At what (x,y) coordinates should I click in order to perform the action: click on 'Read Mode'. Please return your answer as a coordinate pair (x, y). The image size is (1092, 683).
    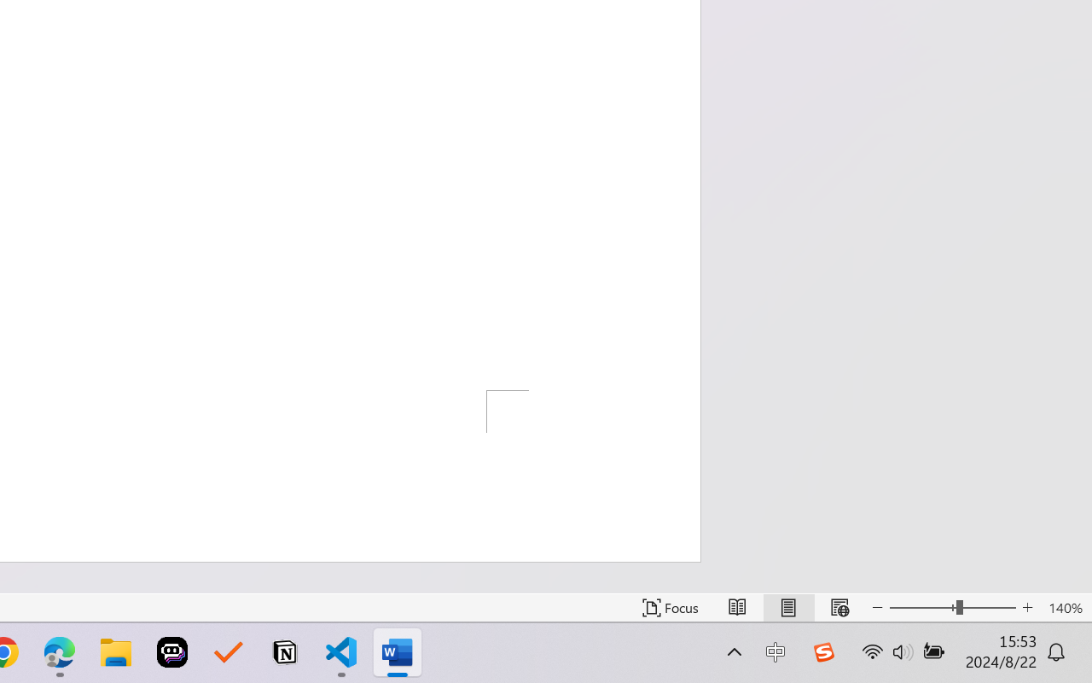
    Looking at the image, I should click on (737, 607).